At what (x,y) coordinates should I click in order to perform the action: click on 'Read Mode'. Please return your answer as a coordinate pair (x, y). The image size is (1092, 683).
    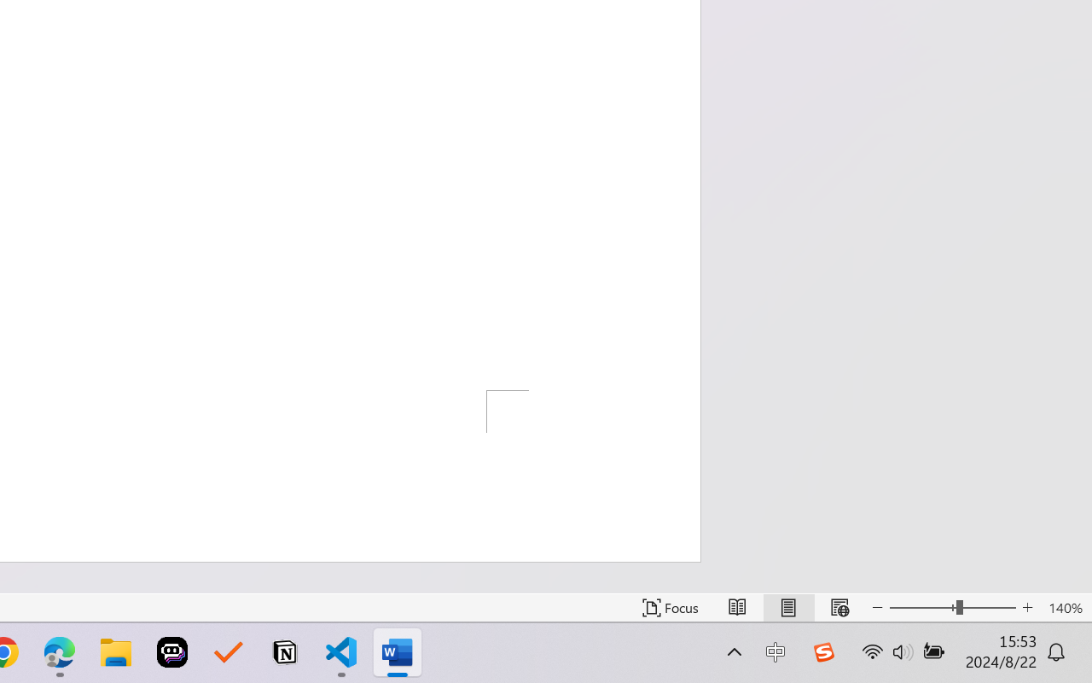
    Looking at the image, I should click on (737, 607).